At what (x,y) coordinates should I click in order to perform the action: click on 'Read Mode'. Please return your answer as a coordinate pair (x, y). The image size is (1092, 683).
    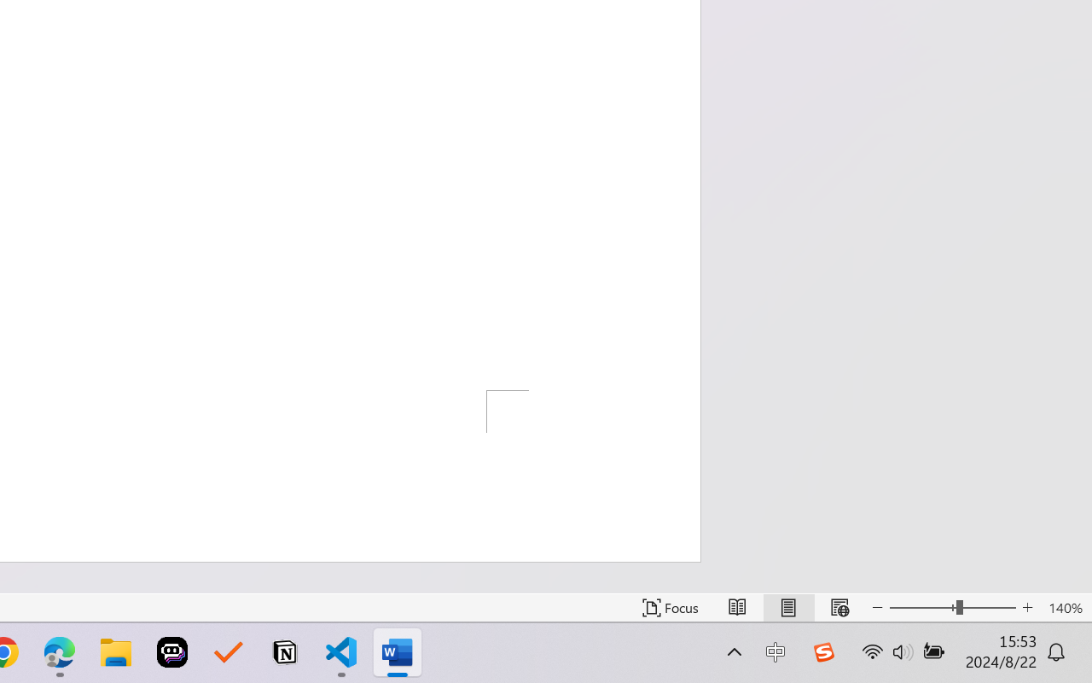
    Looking at the image, I should click on (737, 607).